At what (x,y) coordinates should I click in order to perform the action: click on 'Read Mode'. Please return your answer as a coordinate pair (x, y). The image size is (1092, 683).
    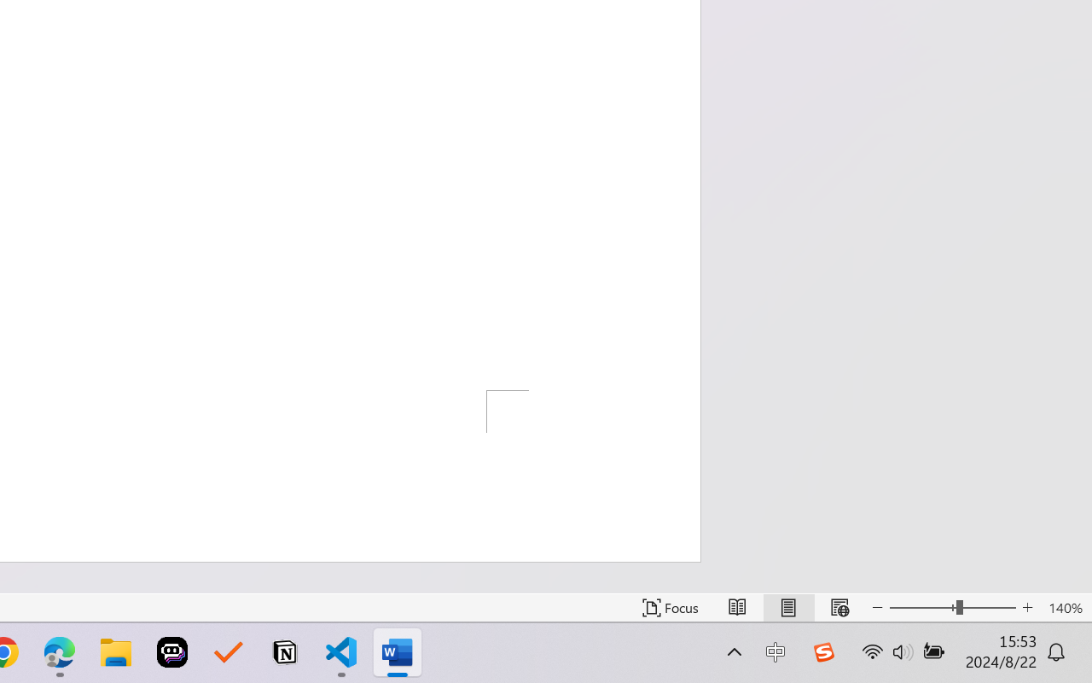
    Looking at the image, I should click on (737, 607).